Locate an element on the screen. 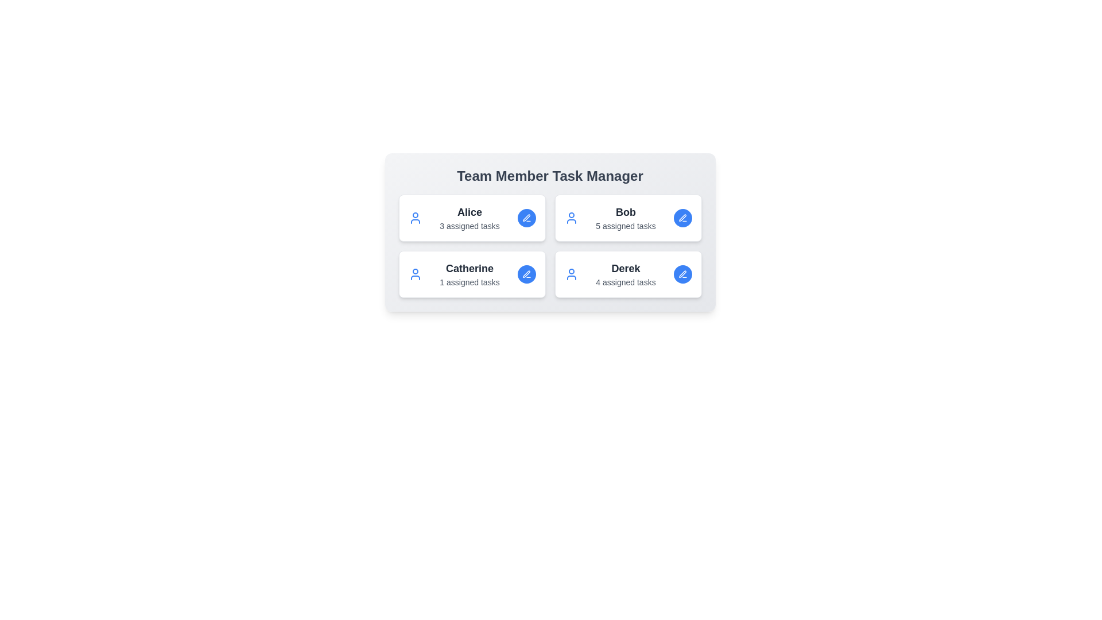 This screenshot has height=620, width=1102. the icon representing Derek to interact with their tasks is located at coordinates (571, 274).